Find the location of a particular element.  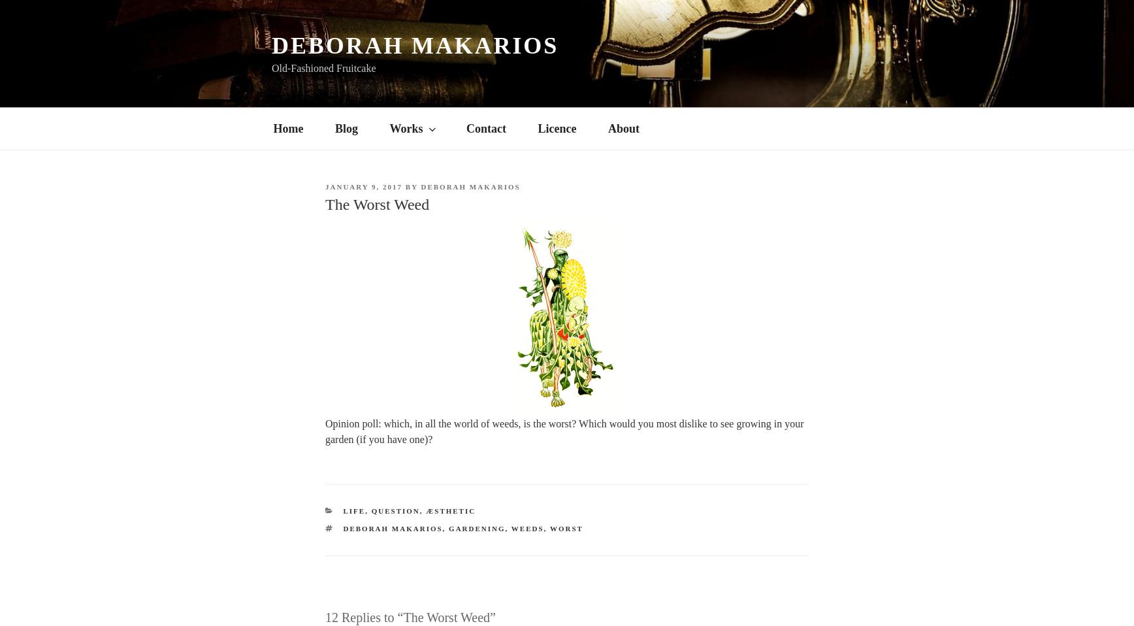

'January 9, 2017' is located at coordinates (364, 186).